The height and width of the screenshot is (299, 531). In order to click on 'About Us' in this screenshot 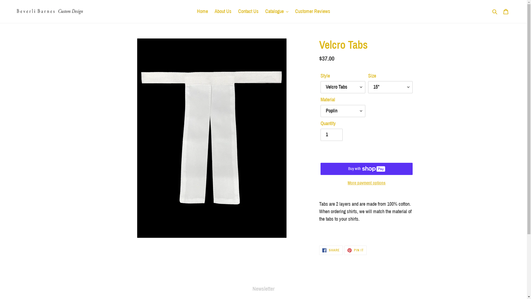, I will do `click(223, 11)`.